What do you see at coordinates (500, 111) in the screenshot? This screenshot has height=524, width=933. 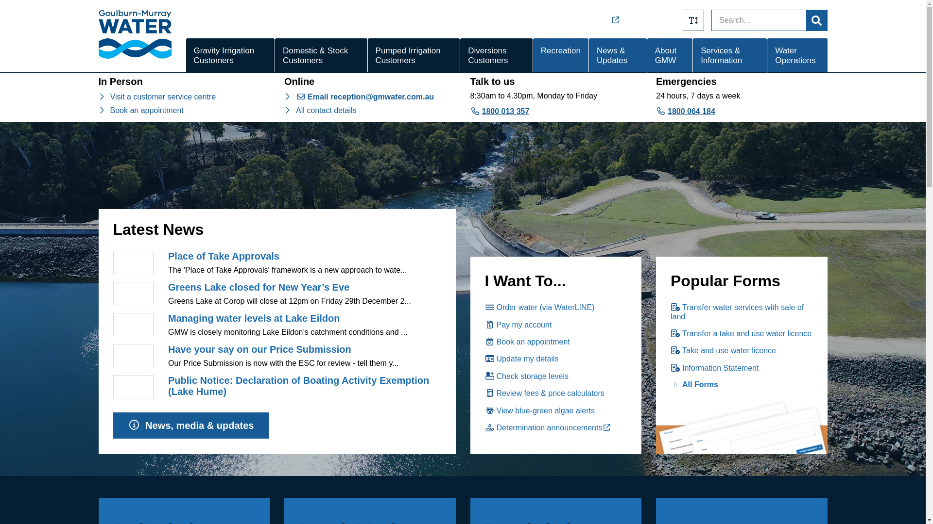 I see `'1800 013 357'` at bounding box center [500, 111].